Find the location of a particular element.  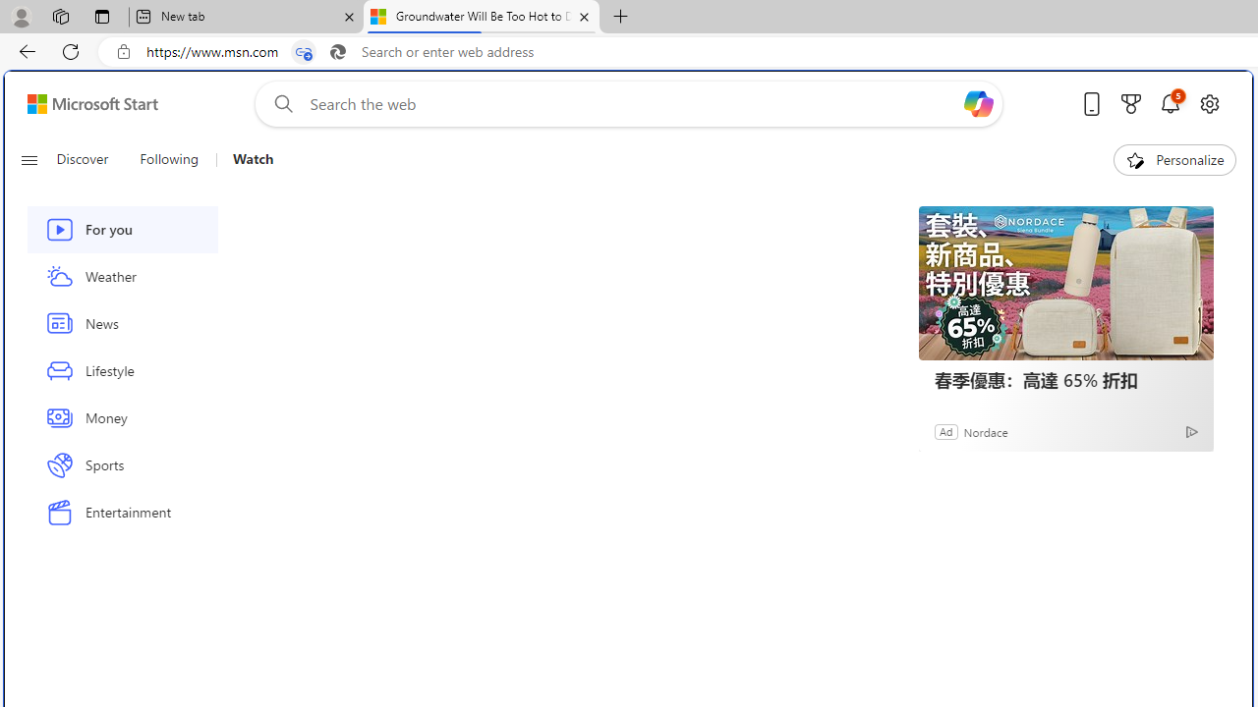

'Skip to content' is located at coordinates (85, 103).